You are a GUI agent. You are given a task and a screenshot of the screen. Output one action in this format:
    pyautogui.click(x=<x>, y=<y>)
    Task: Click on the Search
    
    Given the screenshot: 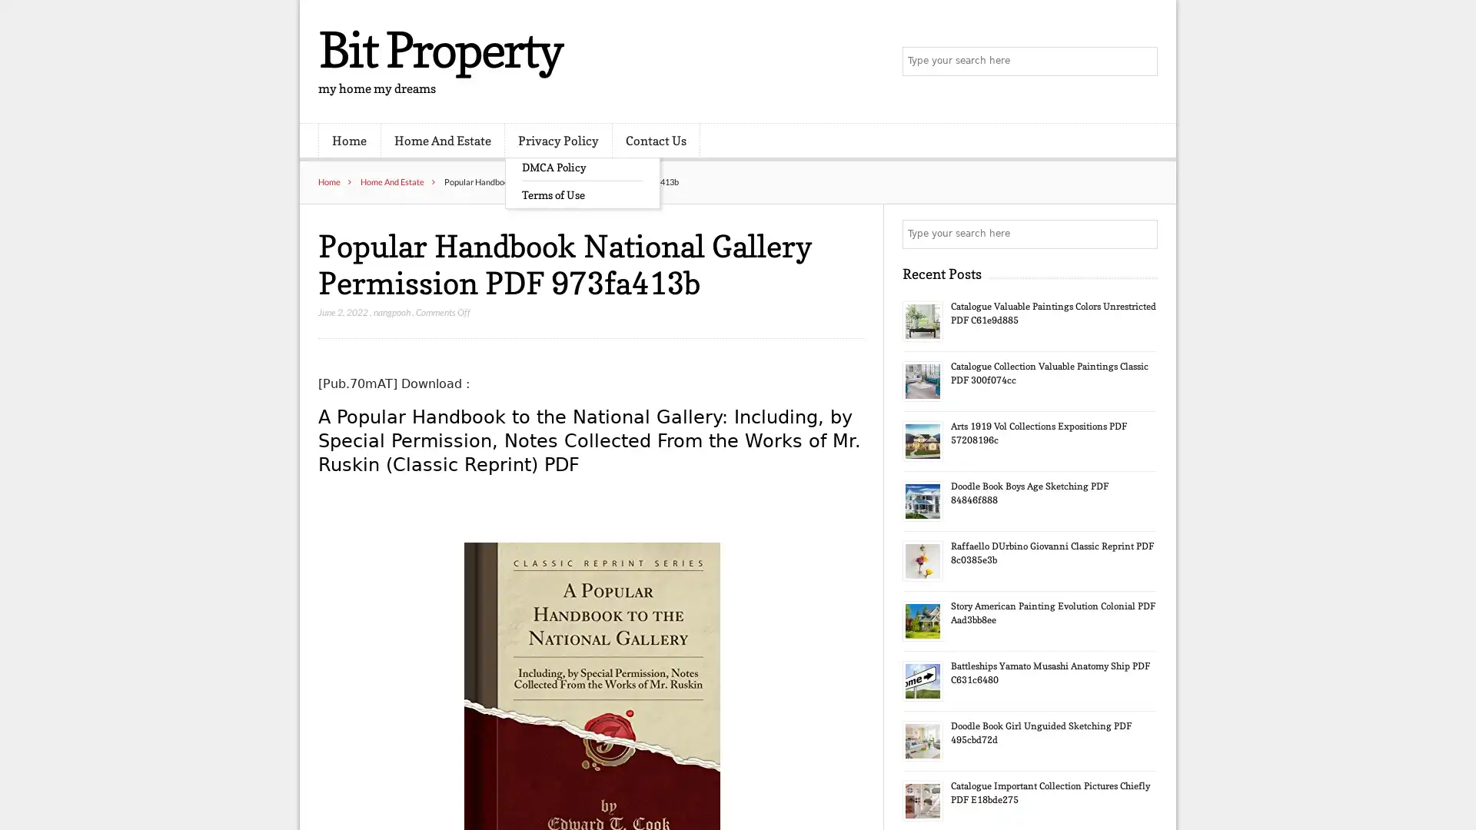 What is the action you would take?
    pyautogui.click(x=1142, y=61)
    